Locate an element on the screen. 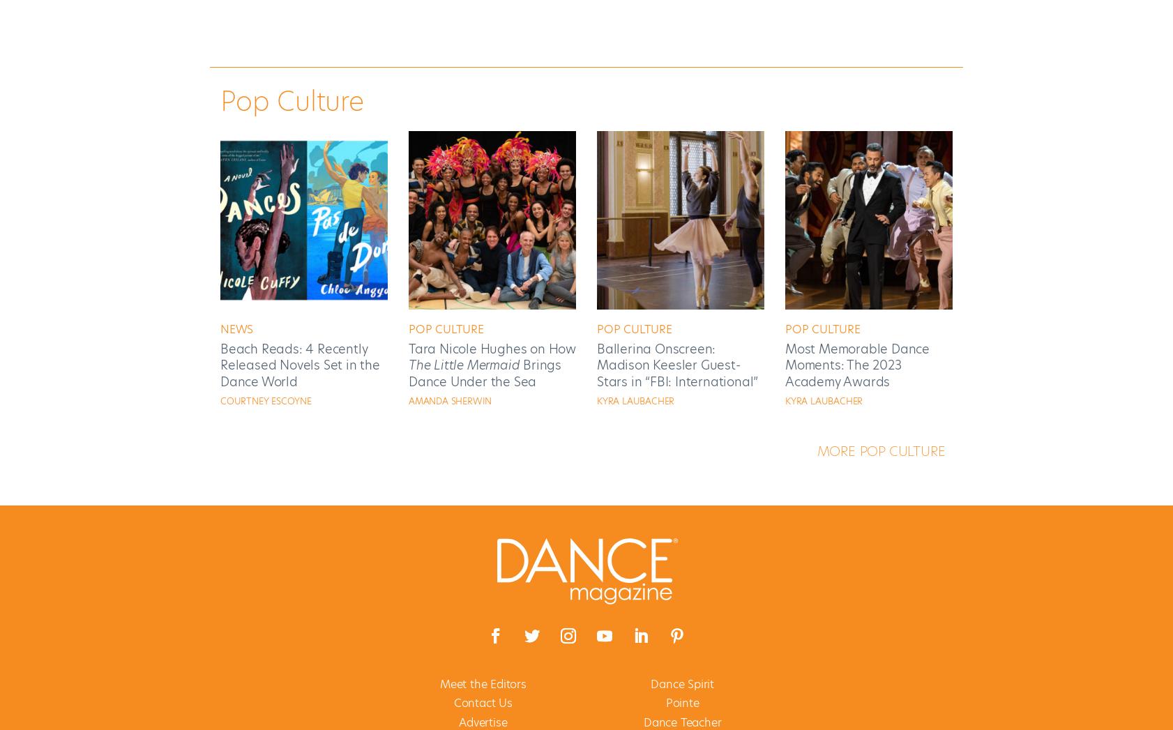 The width and height of the screenshot is (1173, 730). 'Brings Dance Under the Sea' is located at coordinates (485, 373).